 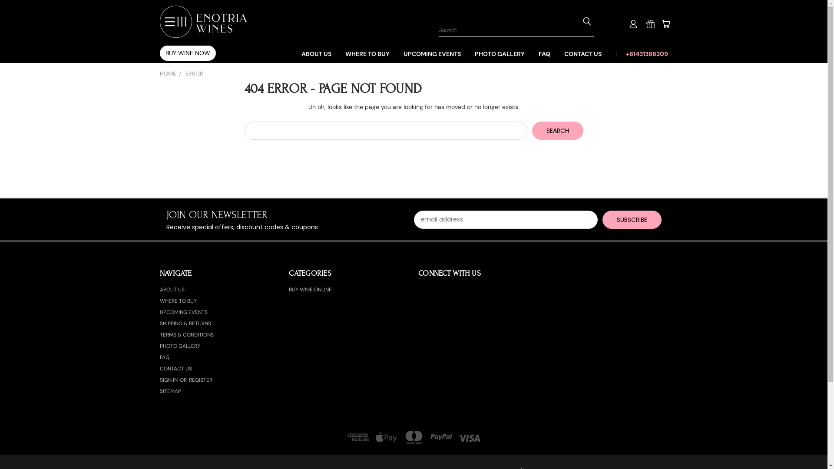 What do you see at coordinates (316, 53) in the screenshot?
I see `'ABOUT US'` at bounding box center [316, 53].